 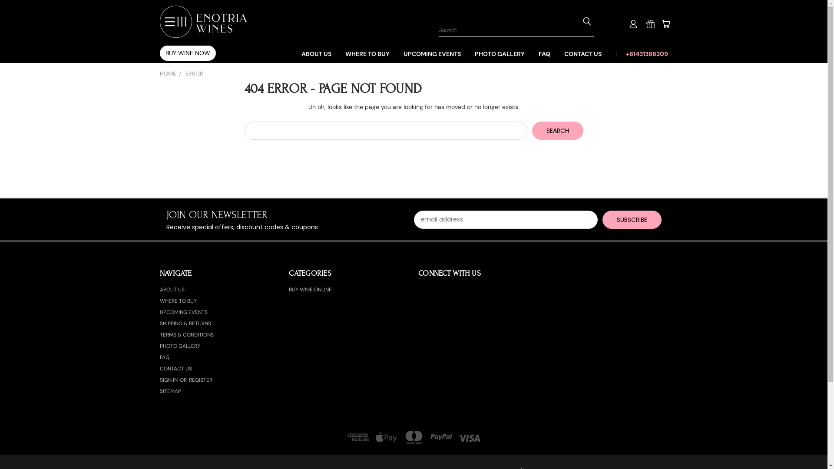 What do you see at coordinates (316, 53) in the screenshot?
I see `'ABOUT US'` at bounding box center [316, 53].